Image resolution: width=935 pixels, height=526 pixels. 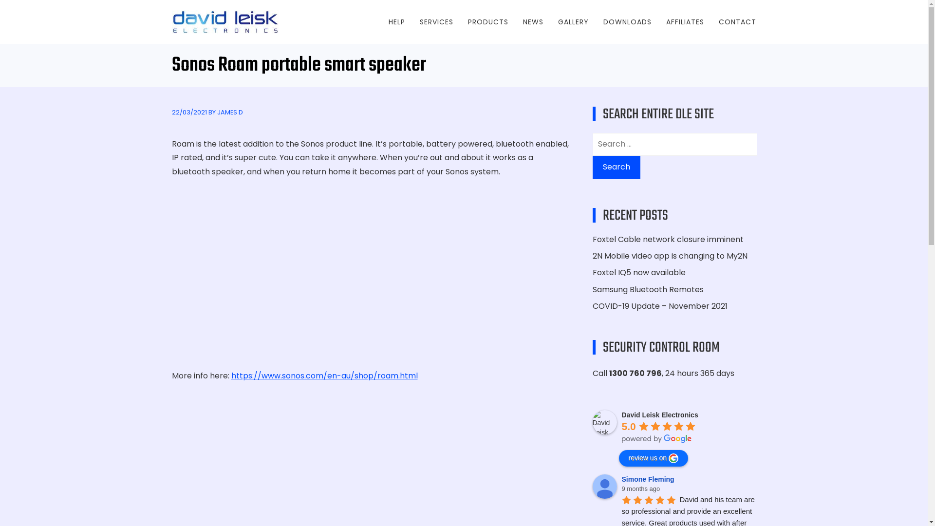 I want to click on 'Simone Fleming', so click(x=649, y=478).